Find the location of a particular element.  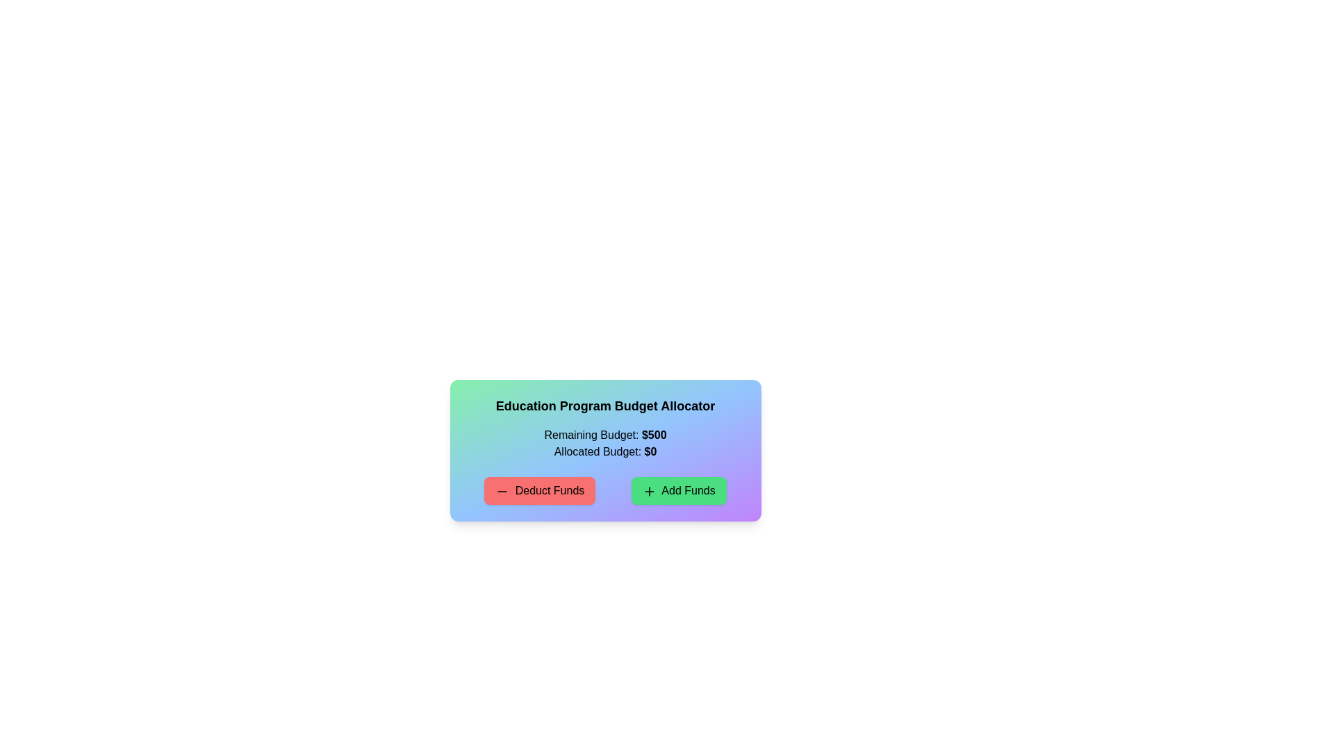

the value displayed in the text label representing the allocated budget, which is part of the section labeled 'Allocated Budget: $0' located towards the lower center of the interface is located at coordinates (650, 451).